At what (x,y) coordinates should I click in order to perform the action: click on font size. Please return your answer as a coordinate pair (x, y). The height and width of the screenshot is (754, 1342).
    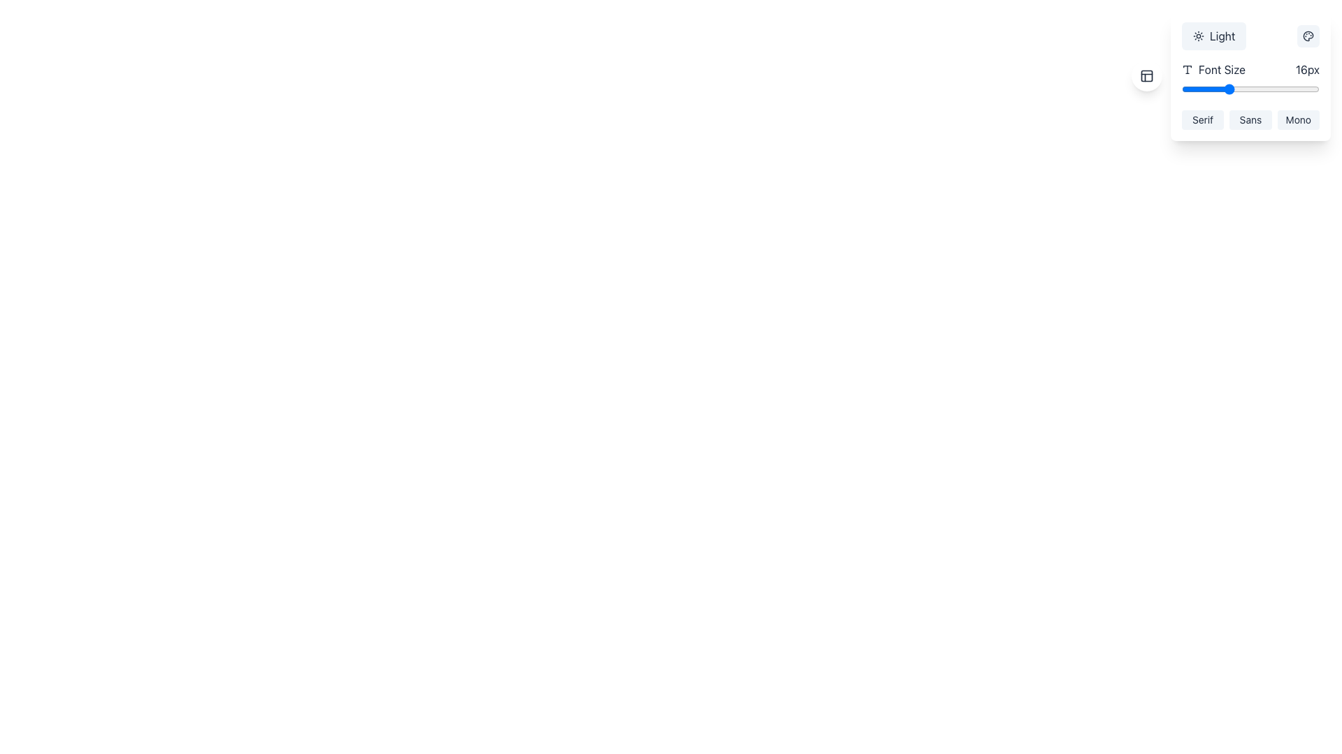
    Looking at the image, I should click on (1285, 89).